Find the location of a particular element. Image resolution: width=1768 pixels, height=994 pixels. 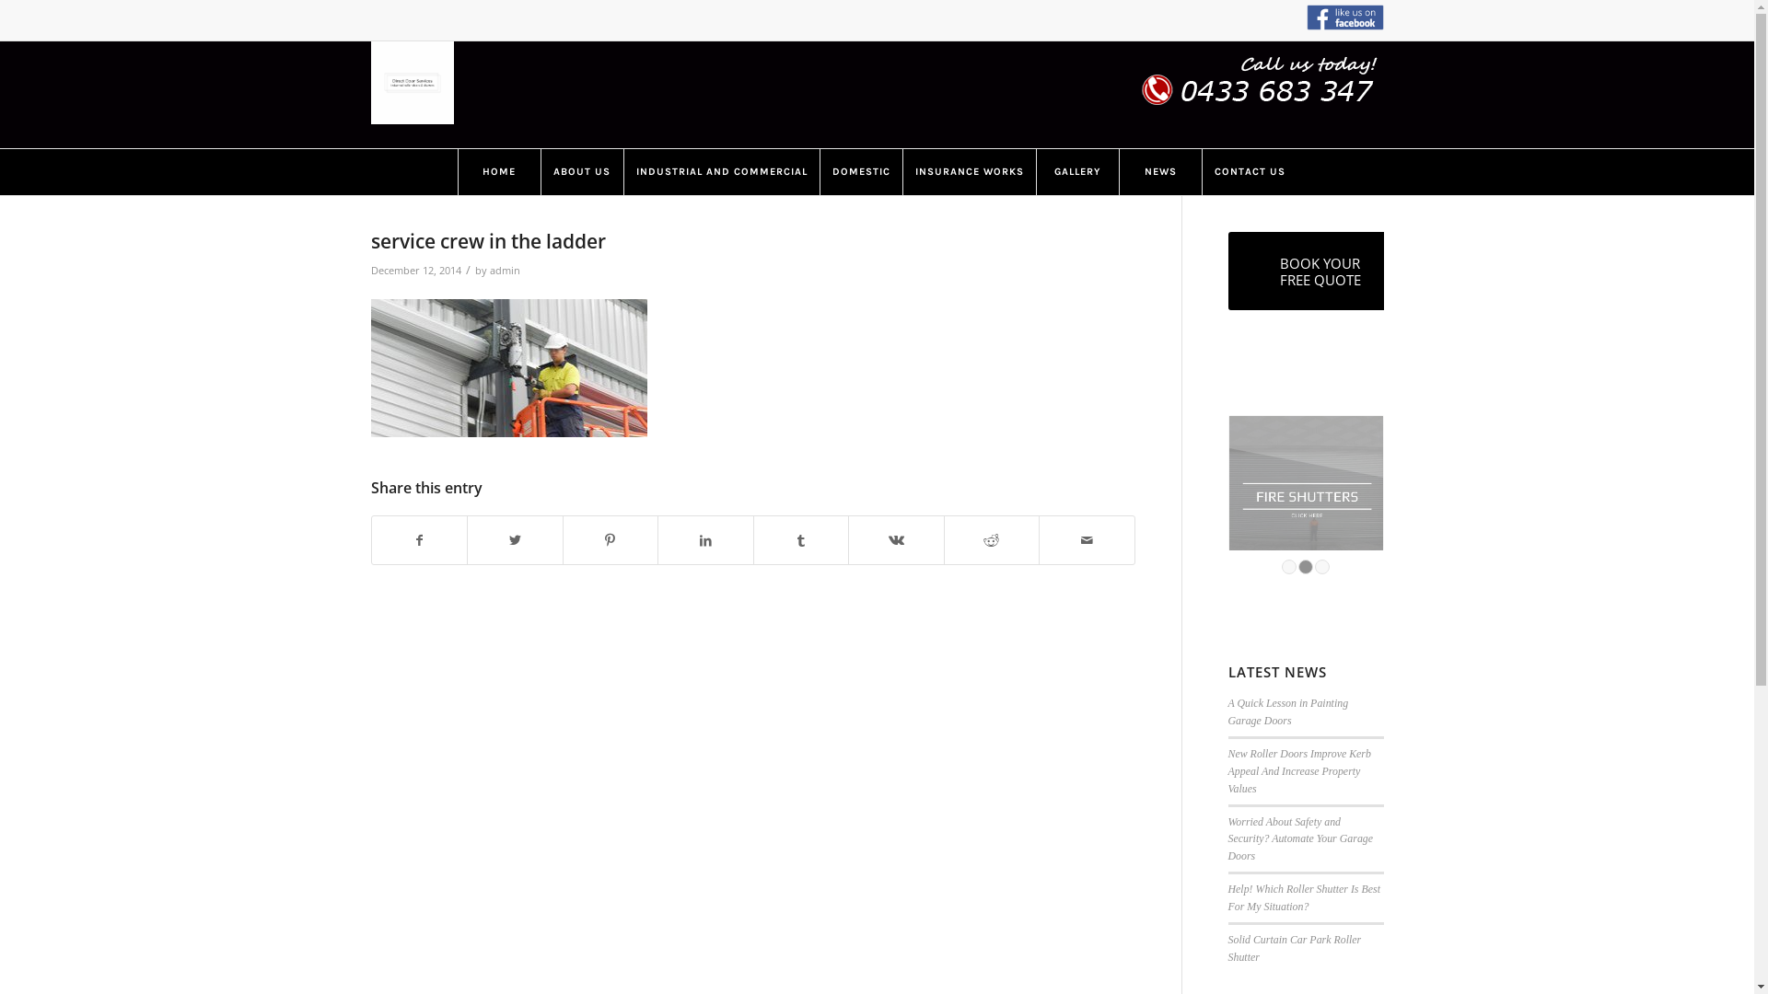

'3' is located at coordinates (1320, 566).